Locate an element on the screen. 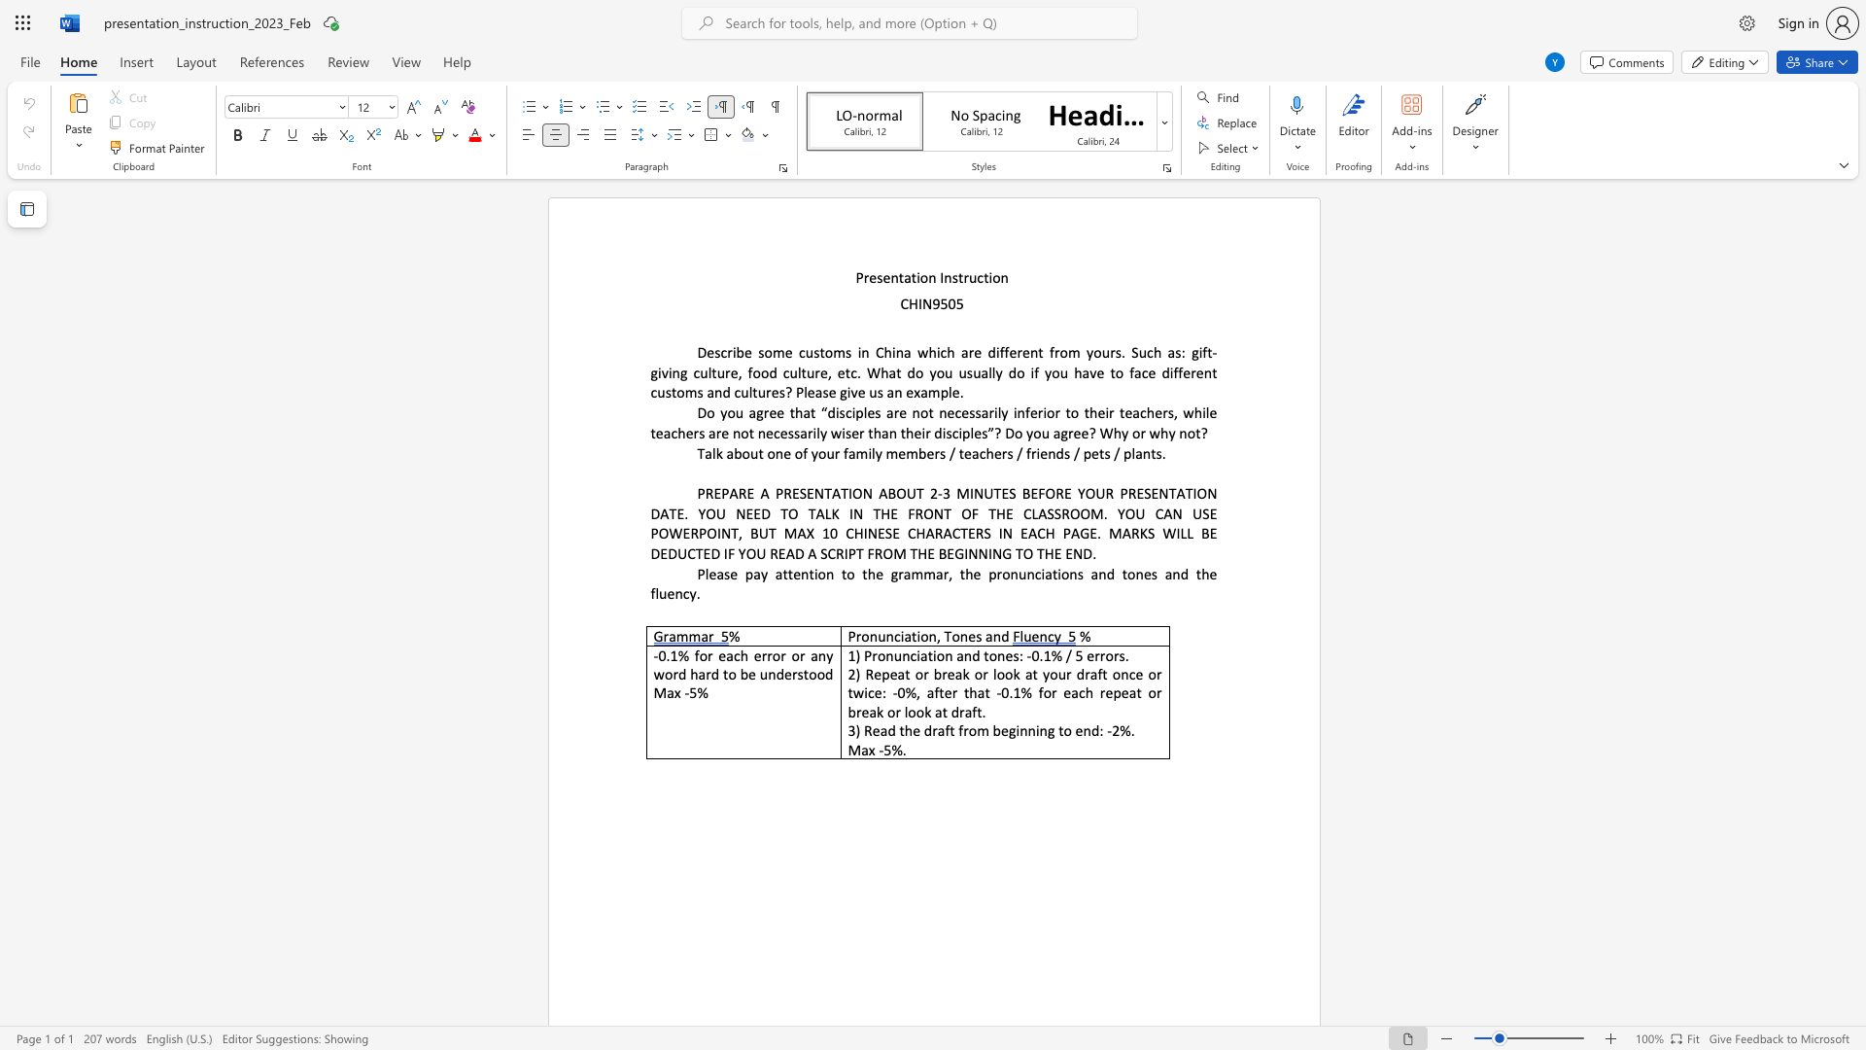 This screenshot has height=1050, width=1866. the subset text "s: -0.1% / 5 e" within the text "1) Pronunciation and tones: -0.1% / 5 errors." is located at coordinates (1012, 655).